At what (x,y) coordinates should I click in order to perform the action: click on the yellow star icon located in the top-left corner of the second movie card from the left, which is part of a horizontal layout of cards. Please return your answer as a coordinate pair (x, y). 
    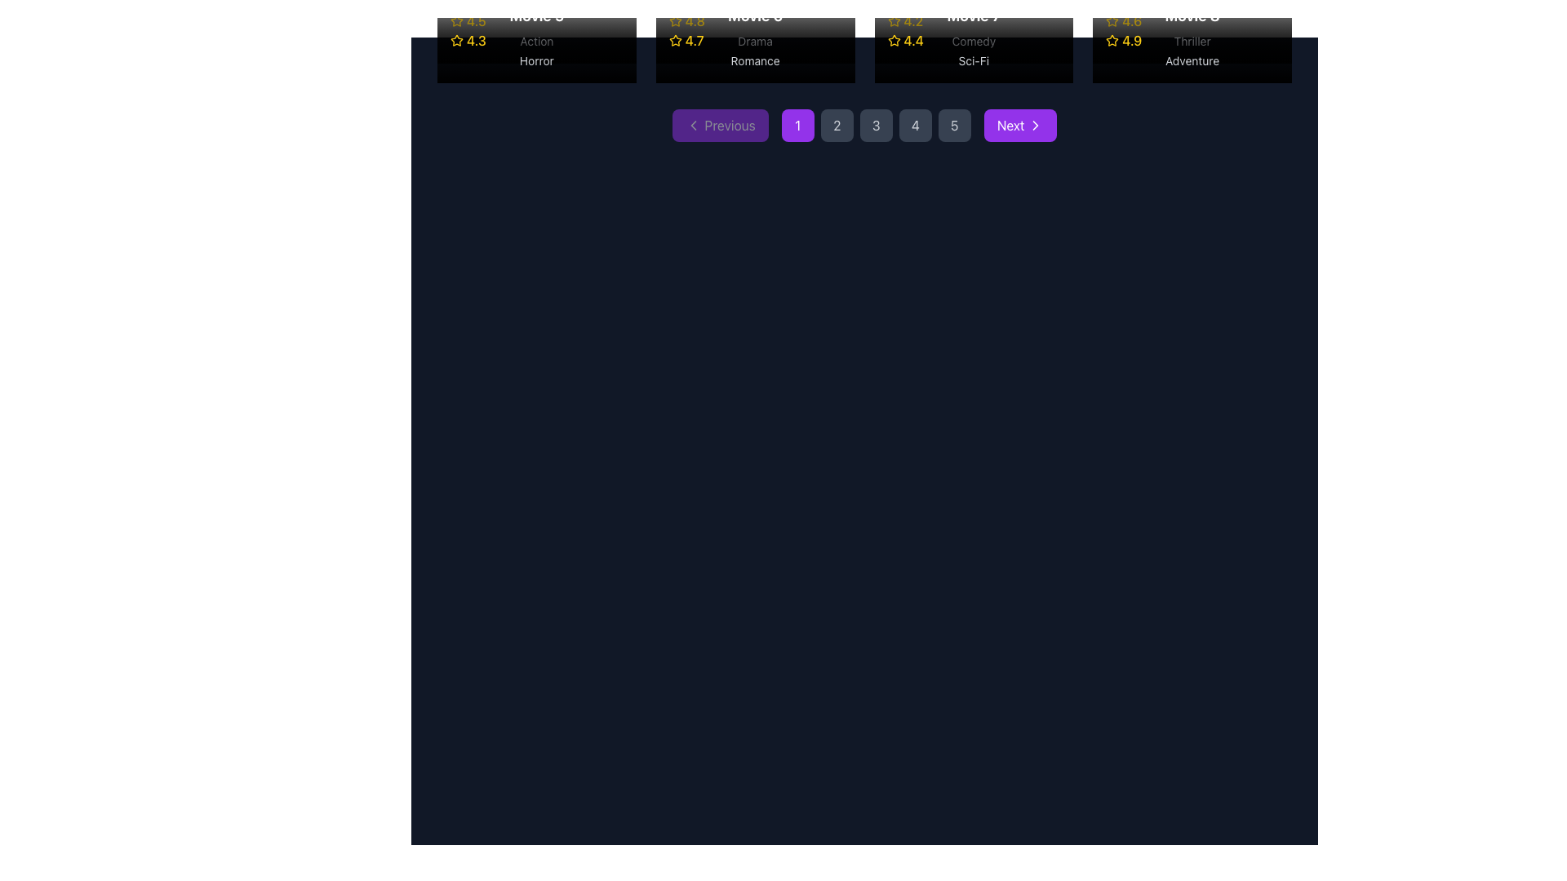
    Looking at the image, I should click on (675, 20).